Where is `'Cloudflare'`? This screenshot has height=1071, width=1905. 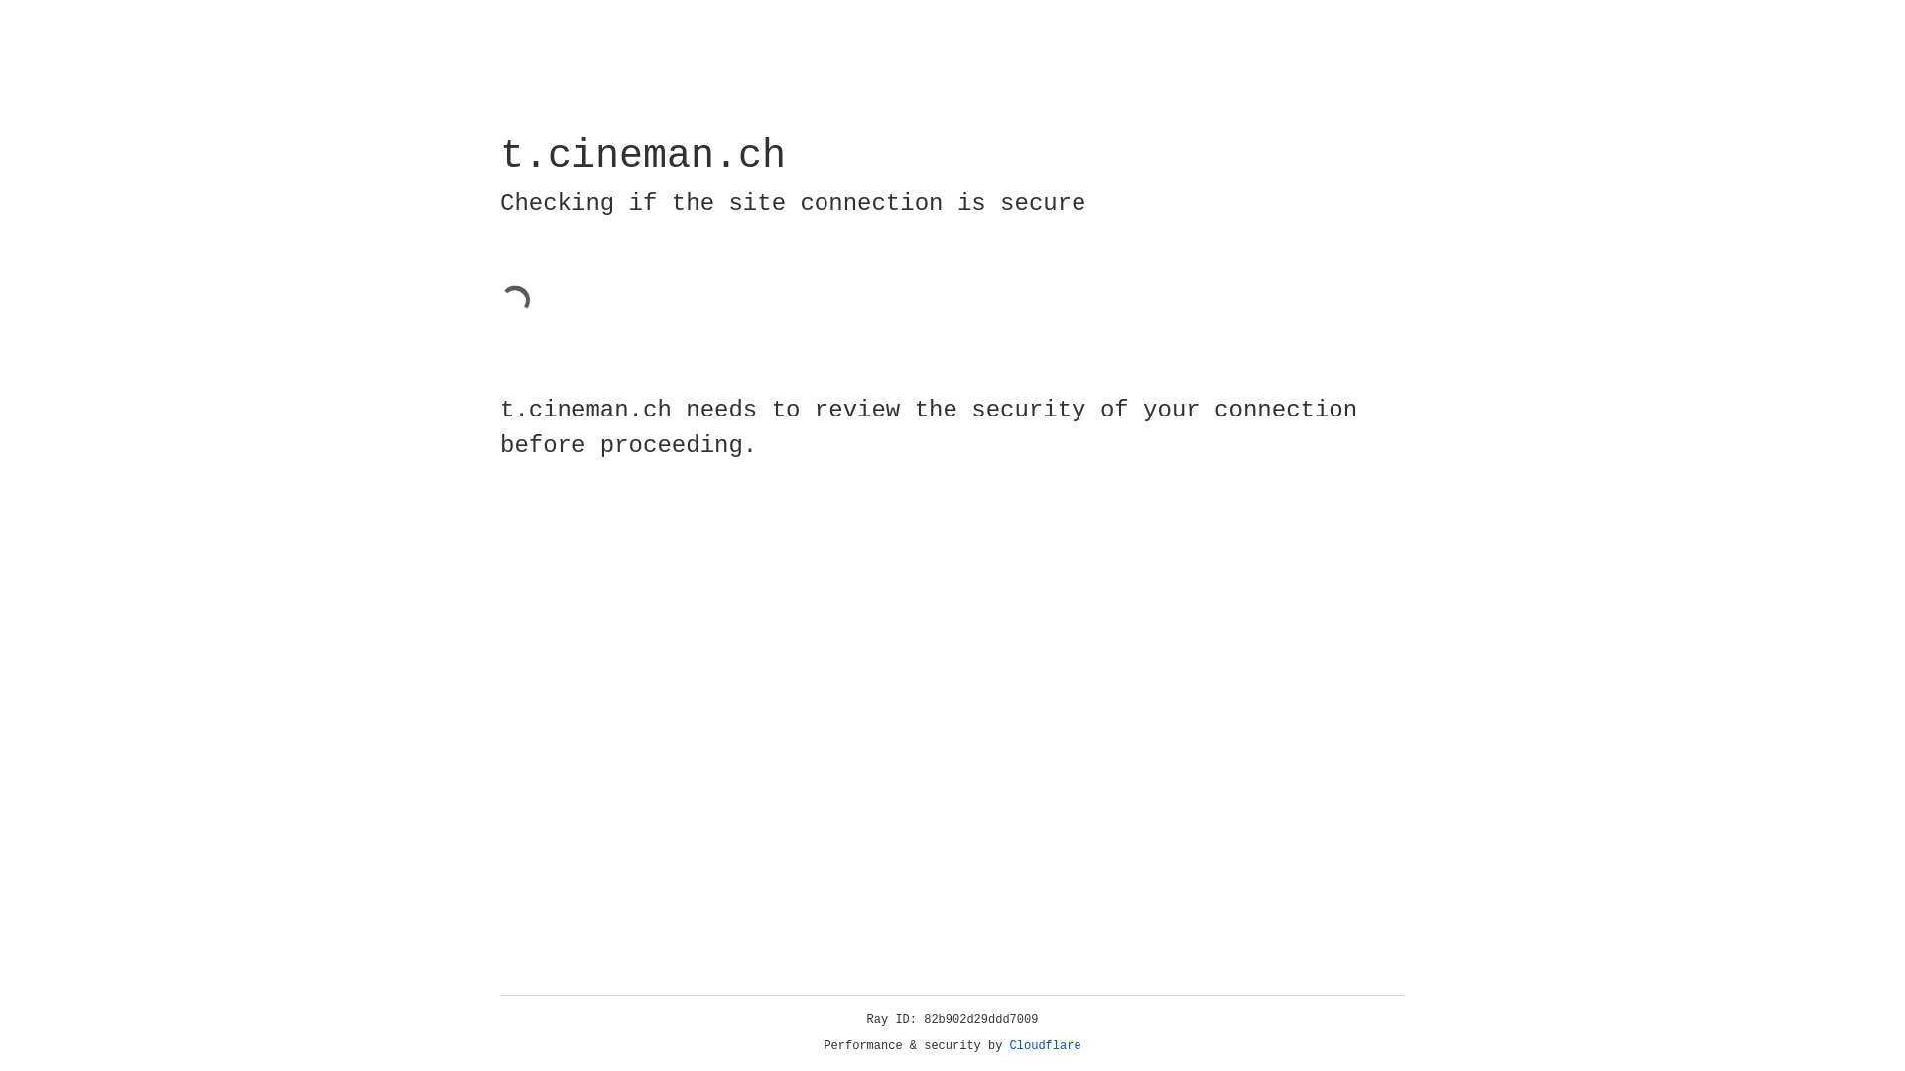
'Cloudflare' is located at coordinates (1009, 1045).